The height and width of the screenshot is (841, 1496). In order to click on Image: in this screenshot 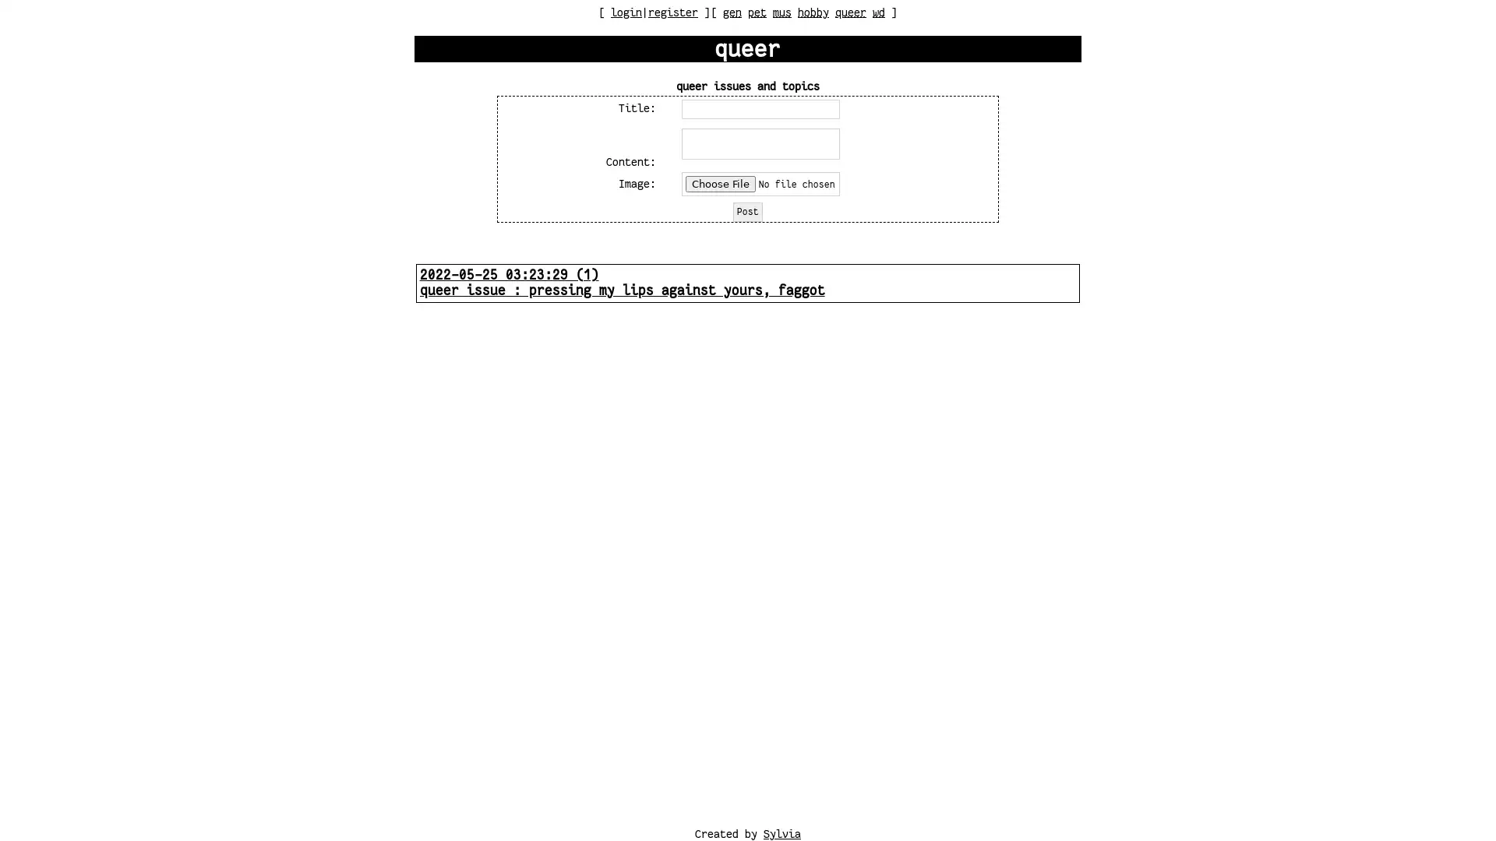, I will do `click(760, 182)`.